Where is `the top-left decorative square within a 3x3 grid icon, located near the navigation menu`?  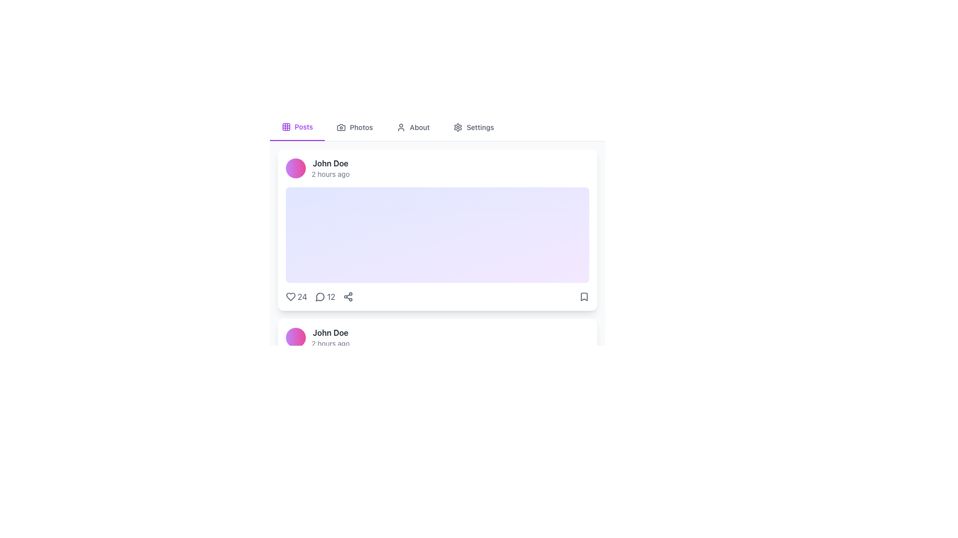 the top-left decorative square within a 3x3 grid icon, located near the navigation menu is located at coordinates (285, 126).